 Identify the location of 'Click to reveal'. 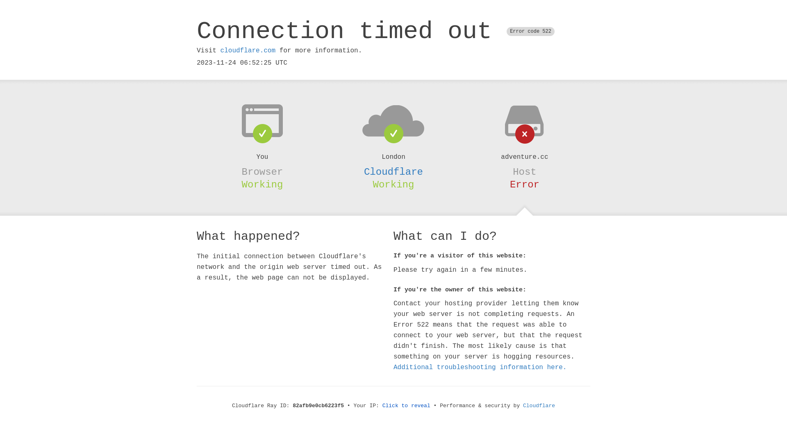
(406, 406).